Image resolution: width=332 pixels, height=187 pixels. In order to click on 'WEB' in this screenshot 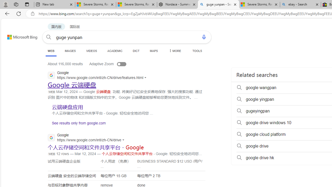, I will do `click(51, 51)`.